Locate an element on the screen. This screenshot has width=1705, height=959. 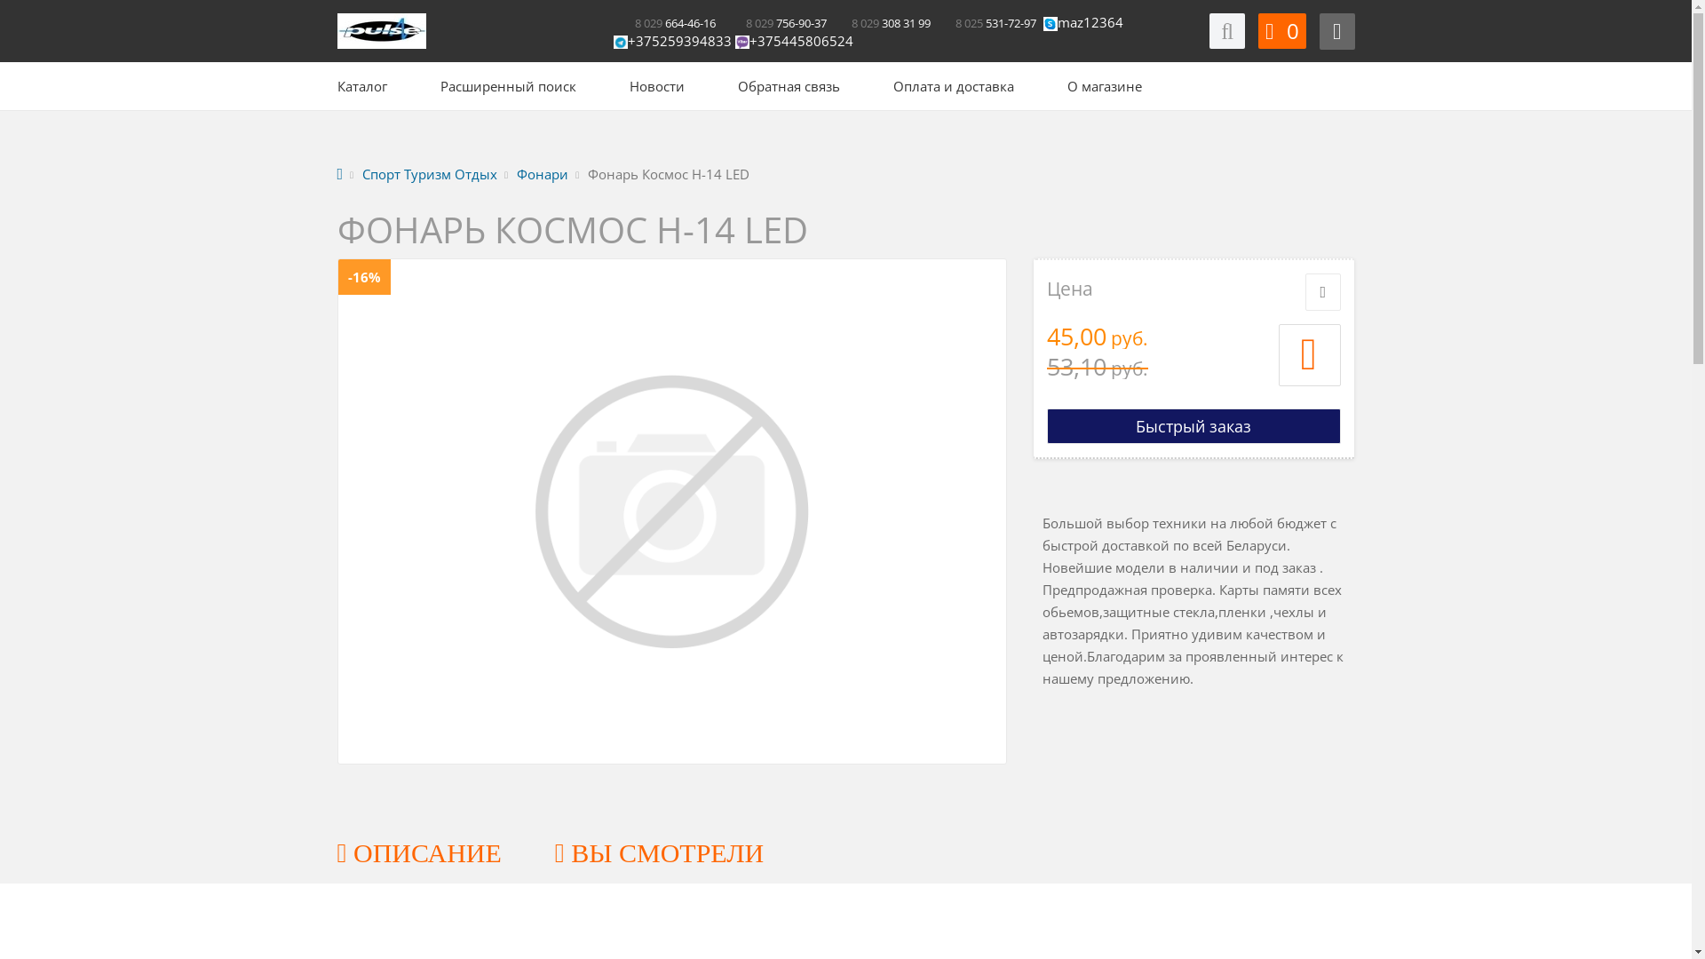
'+375445806524' is located at coordinates (793, 40).